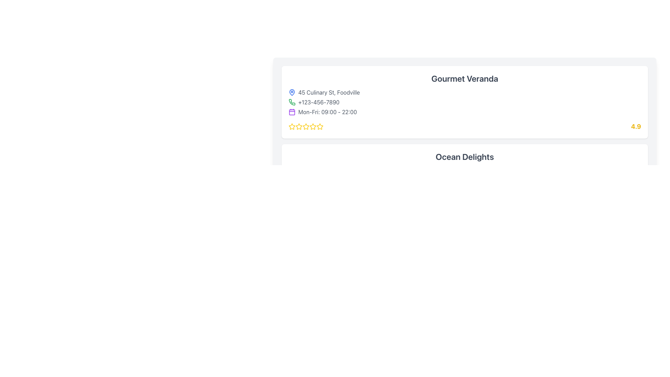 The width and height of the screenshot is (670, 377). Describe the element at coordinates (319, 126) in the screenshot. I see `the fifth yellow star icon in the rating system for 'Gourmet Veranda' located at the bottom-left section of the card` at that location.